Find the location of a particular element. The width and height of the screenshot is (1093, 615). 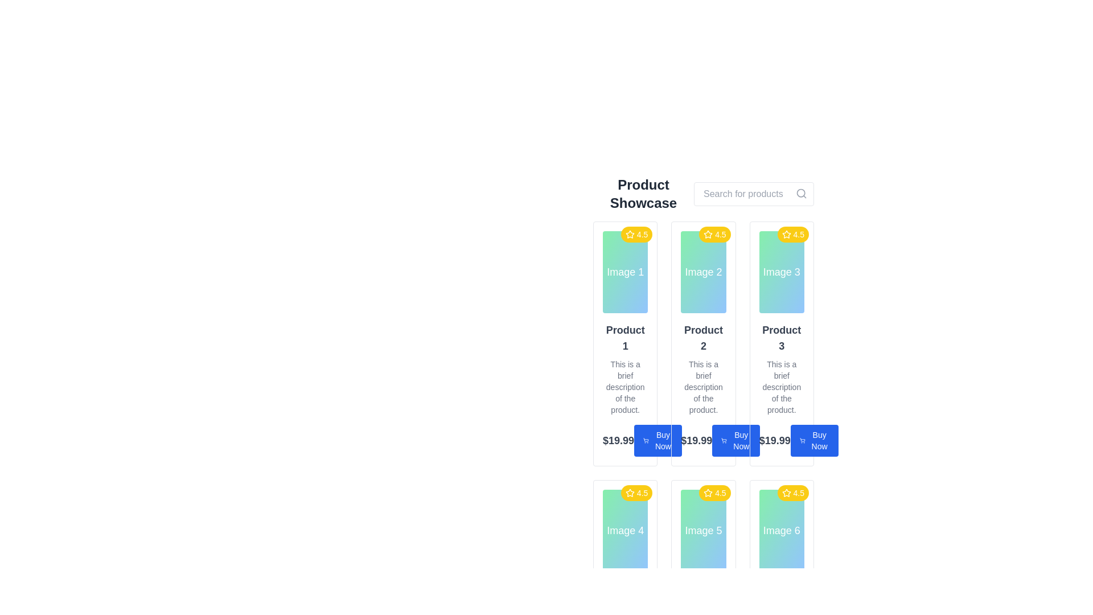

the static text label displaying 'Image 2' in white font color, located centrally within the second product card of the showcase grid layout is located at coordinates (702, 272).